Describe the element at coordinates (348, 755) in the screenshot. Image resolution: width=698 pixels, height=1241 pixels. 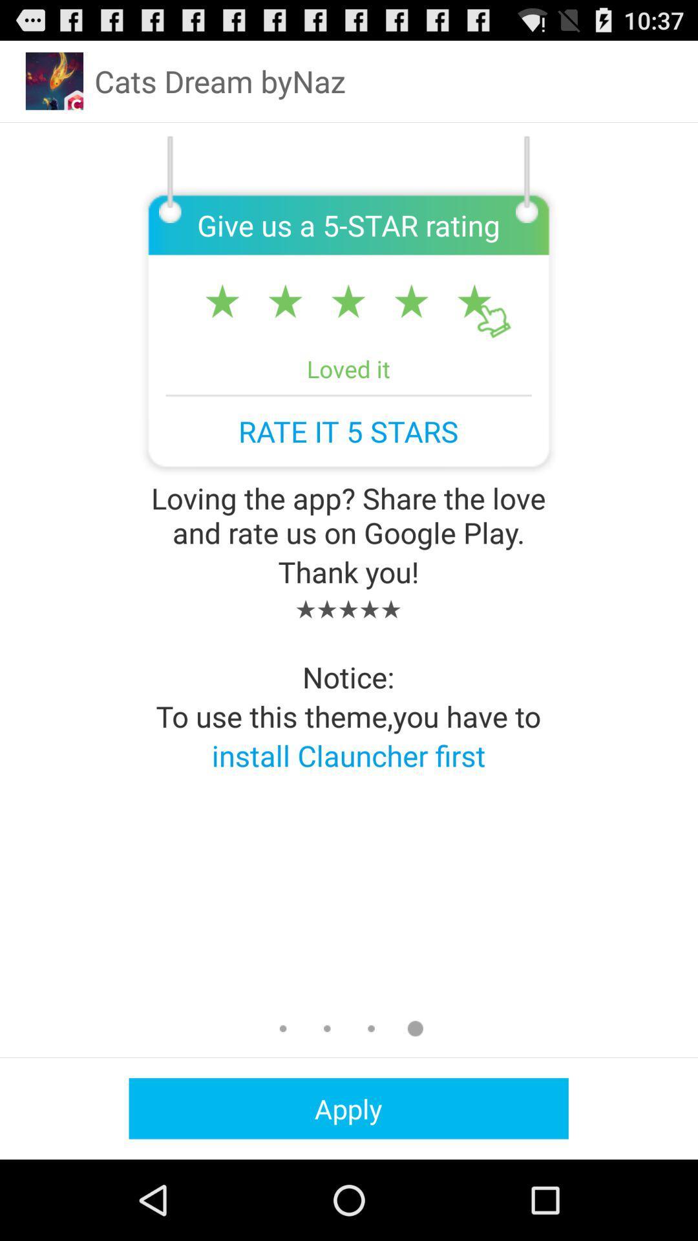
I see `install clauncher first` at that location.